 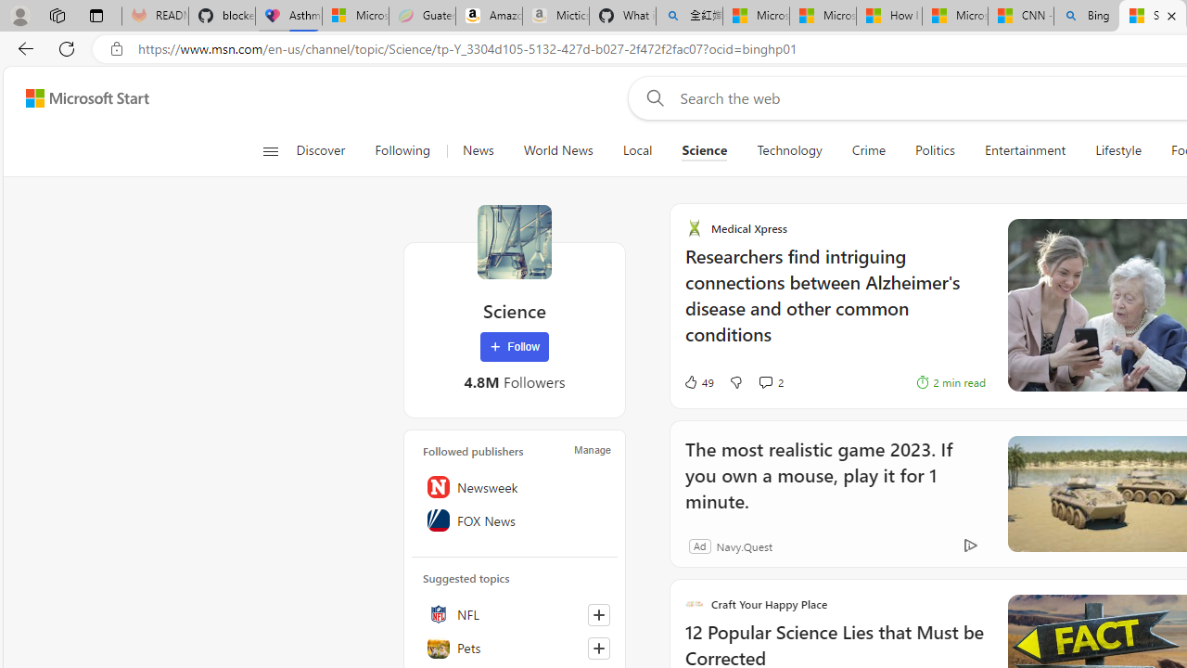 What do you see at coordinates (770, 381) in the screenshot?
I see `'View comments 2 Comment'` at bounding box center [770, 381].